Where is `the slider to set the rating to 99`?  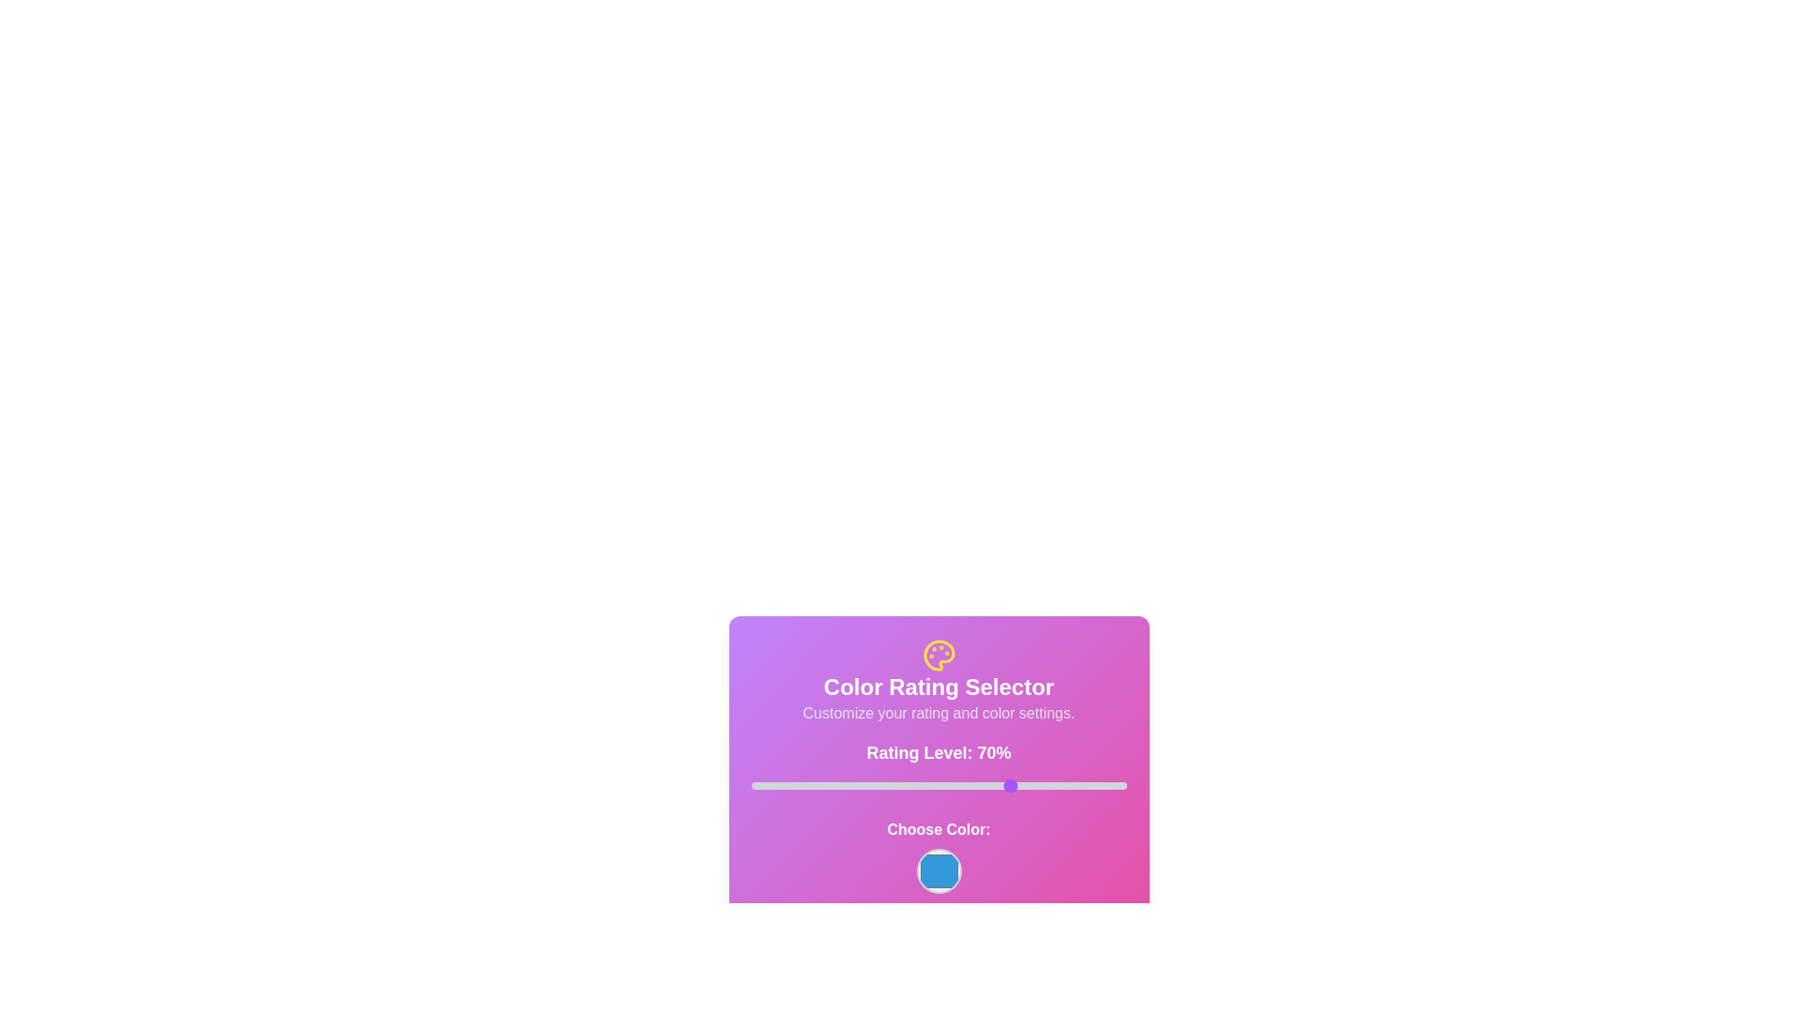
the slider to set the rating to 99 is located at coordinates (1122, 785).